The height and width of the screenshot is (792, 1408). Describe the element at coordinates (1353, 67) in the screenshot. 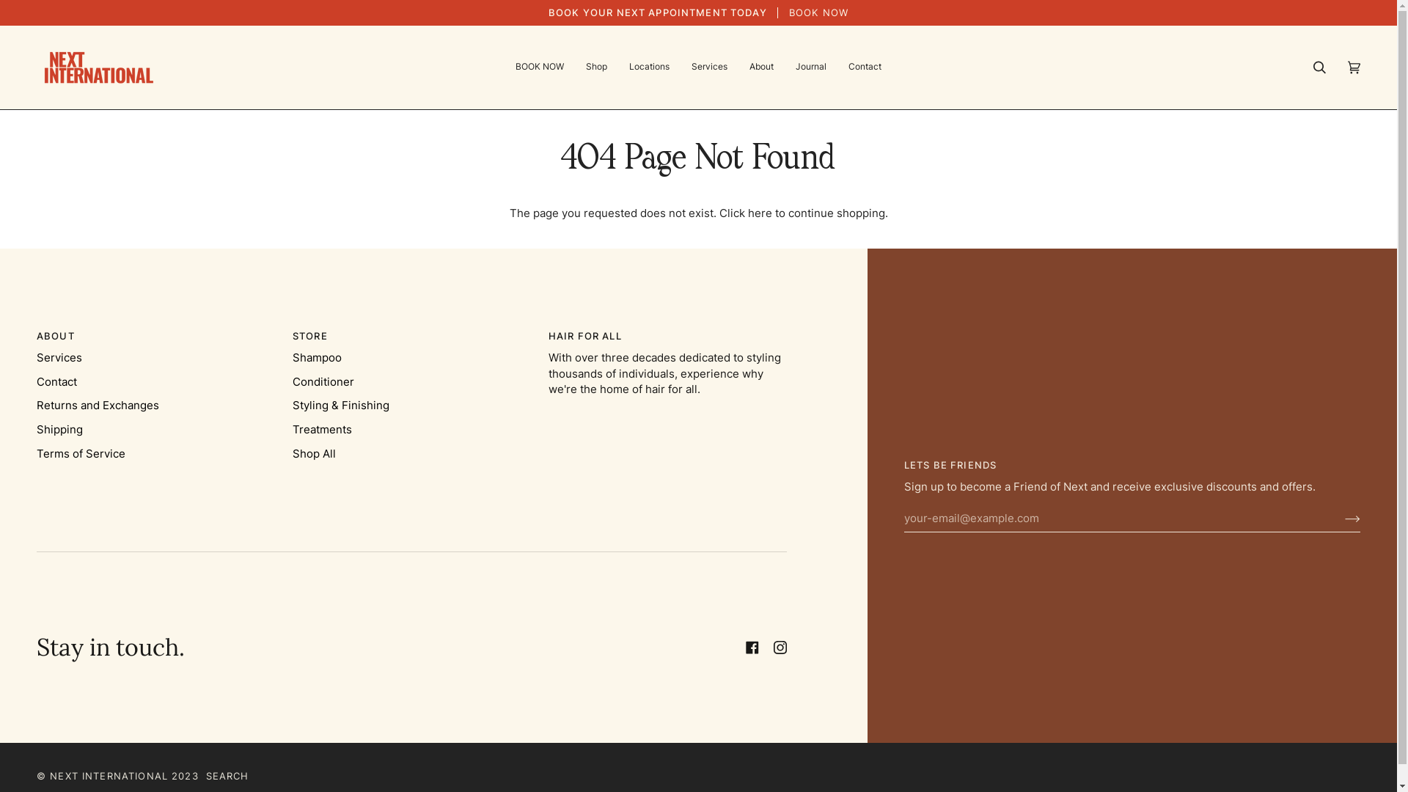

I see `'Cart` at that location.